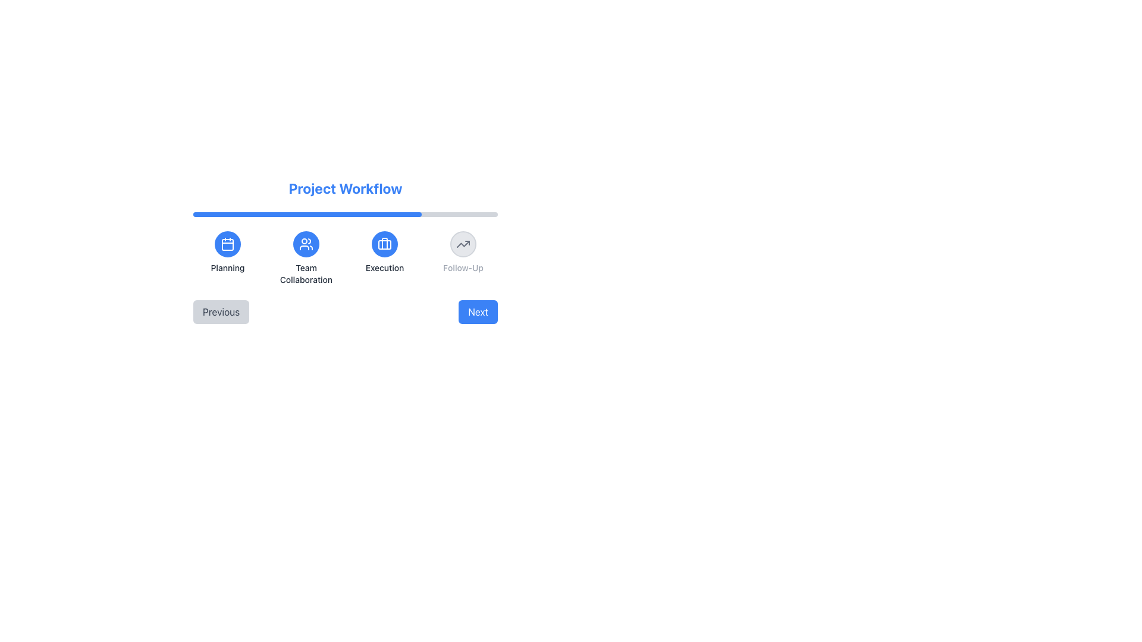  I want to click on the 'Planning' icon, which is the first in a series of four circle-bound icons and is positioned at the leftmost side of the row, so click(228, 244).